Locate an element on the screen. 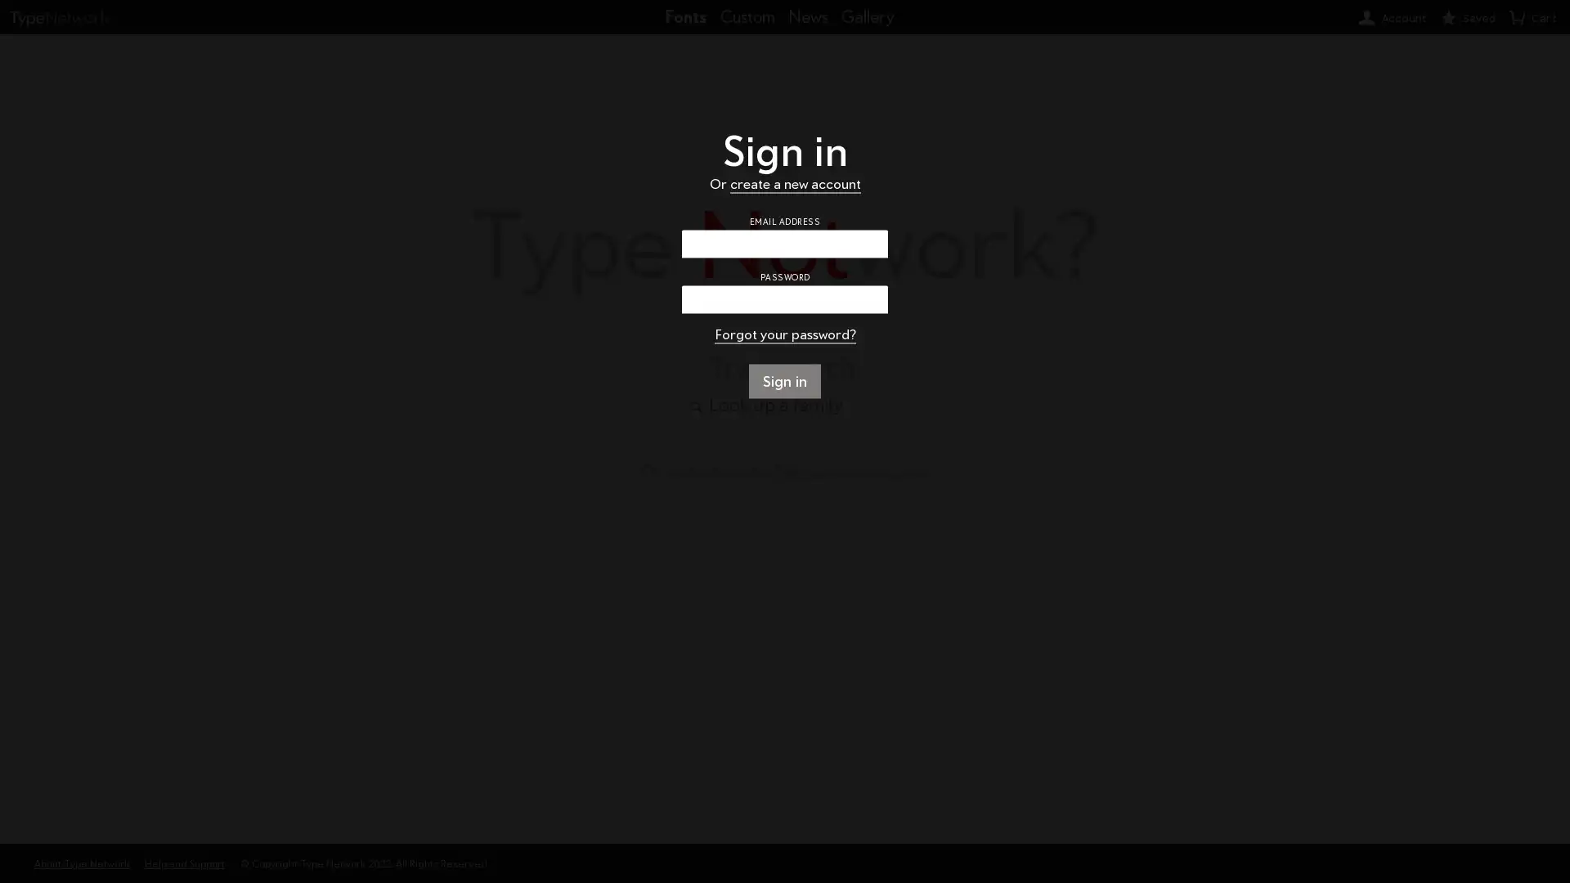 The height and width of the screenshot is (883, 1570). Sign in is located at coordinates (783, 381).